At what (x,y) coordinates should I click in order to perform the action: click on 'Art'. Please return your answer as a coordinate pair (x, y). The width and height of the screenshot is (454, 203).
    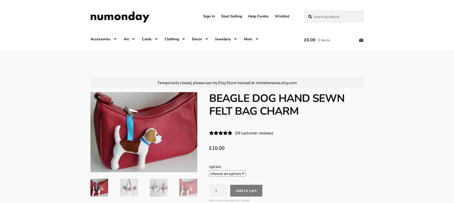
    Looking at the image, I should click on (126, 38).